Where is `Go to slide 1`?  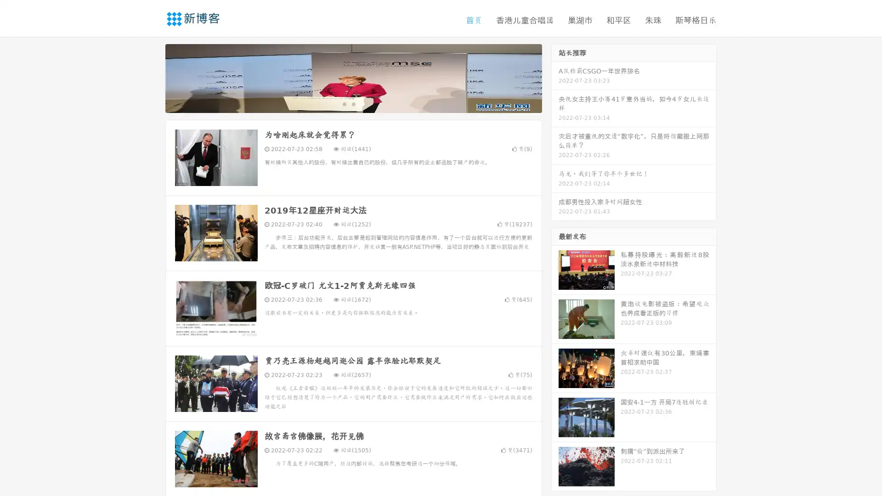 Go to slide 1 is located at coordinates (344, 103).